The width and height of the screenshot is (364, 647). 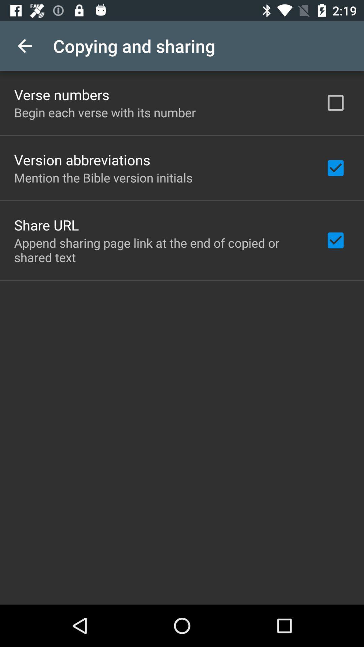 What do you see at coordinates (46, 225) in the screenshot?
I see `share url icon` at bounding box center [46, 225].